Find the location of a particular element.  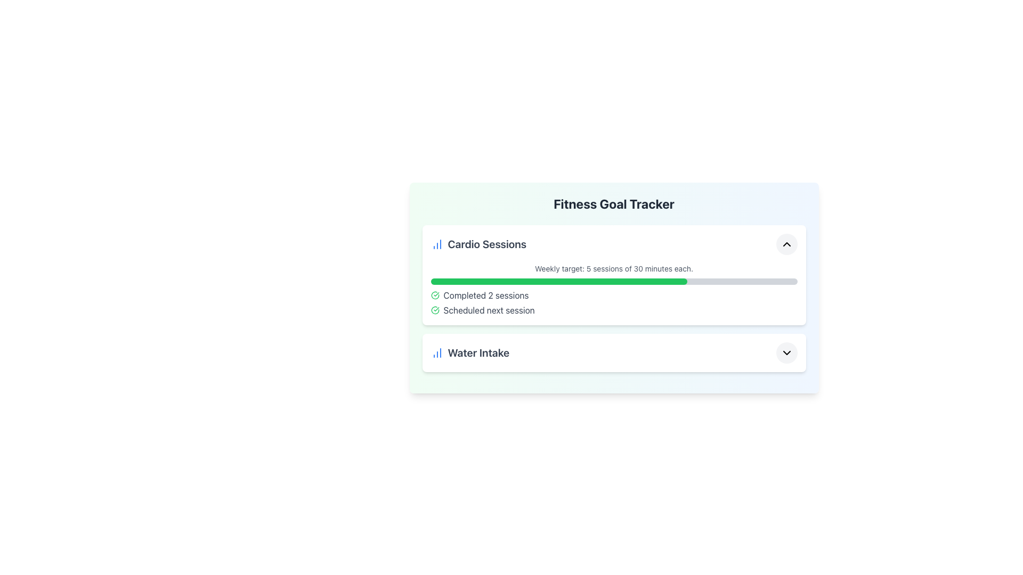

textual information from the Progress Tracker and Informational Block located under the 'Cardio Sessions' heading, which provides details on weekly targets, progress status, and activity summaries is located at coordinates (614, 290).